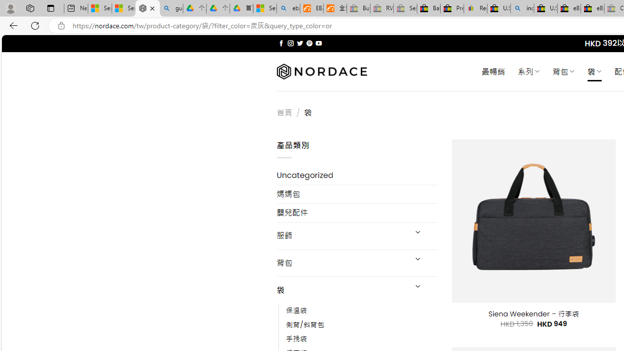 The image size is (624, 351). Describe the element at coordinates (281, 43) in the screenshot. I see `'Follow on Facebook'` at that location.